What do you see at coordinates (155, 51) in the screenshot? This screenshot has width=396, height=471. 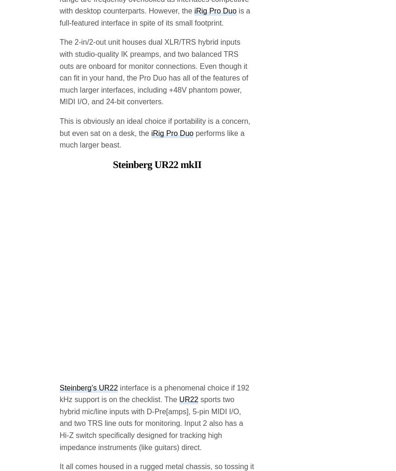 I see `'This is obviously an ideal choice if portability is a concern, but even sat on a desk, the'` at bounding box center [155, 51].